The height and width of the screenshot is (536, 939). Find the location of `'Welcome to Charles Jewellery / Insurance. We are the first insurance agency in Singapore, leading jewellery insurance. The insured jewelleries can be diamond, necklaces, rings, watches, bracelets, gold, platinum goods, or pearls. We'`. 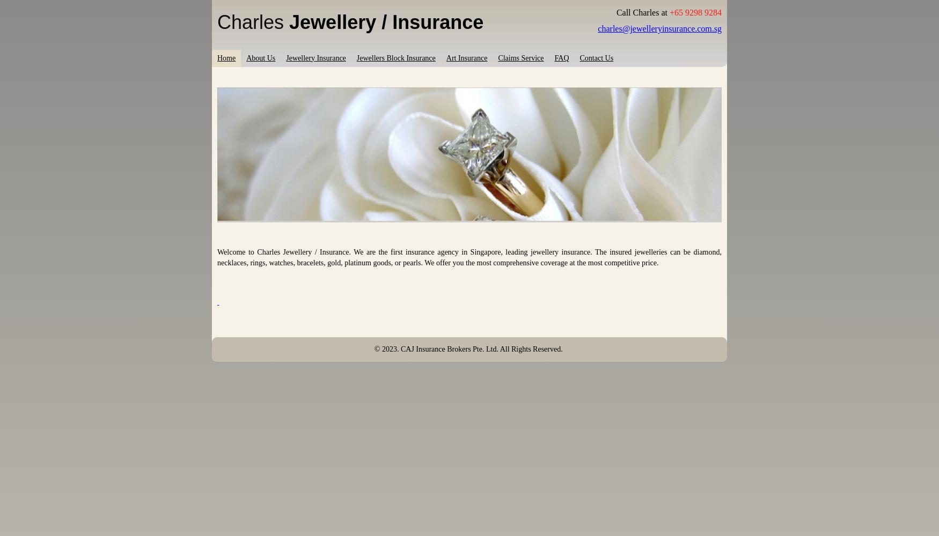

'Welcome to Charles Jewellery / Insurance. We are the first insurance agency in Singapore, leading jewellery insurance. The insured jewelleries can be diamond, necklaces, rings, watches, bracelets, gold, platinum goods, or pearls. We' is located at coordinates (469, 256).